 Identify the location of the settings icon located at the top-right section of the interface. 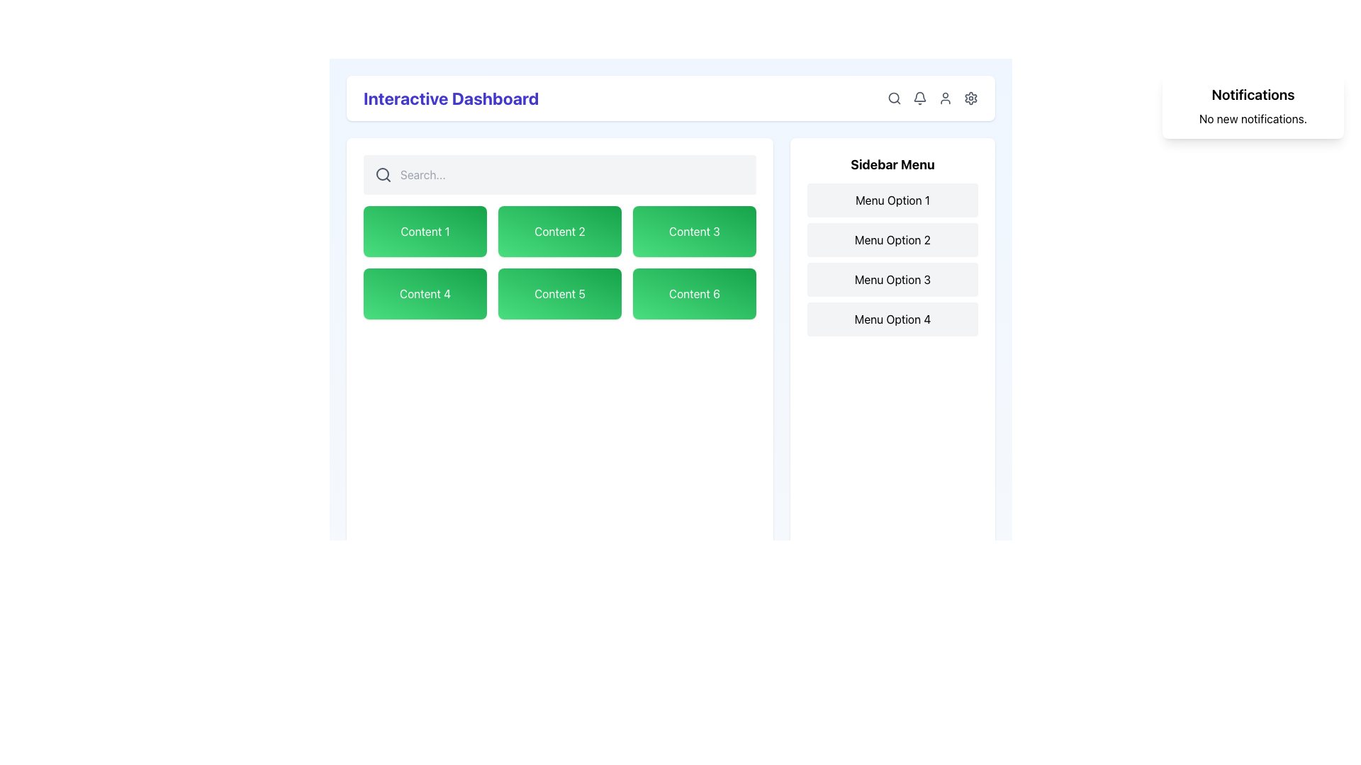
(970, 97).